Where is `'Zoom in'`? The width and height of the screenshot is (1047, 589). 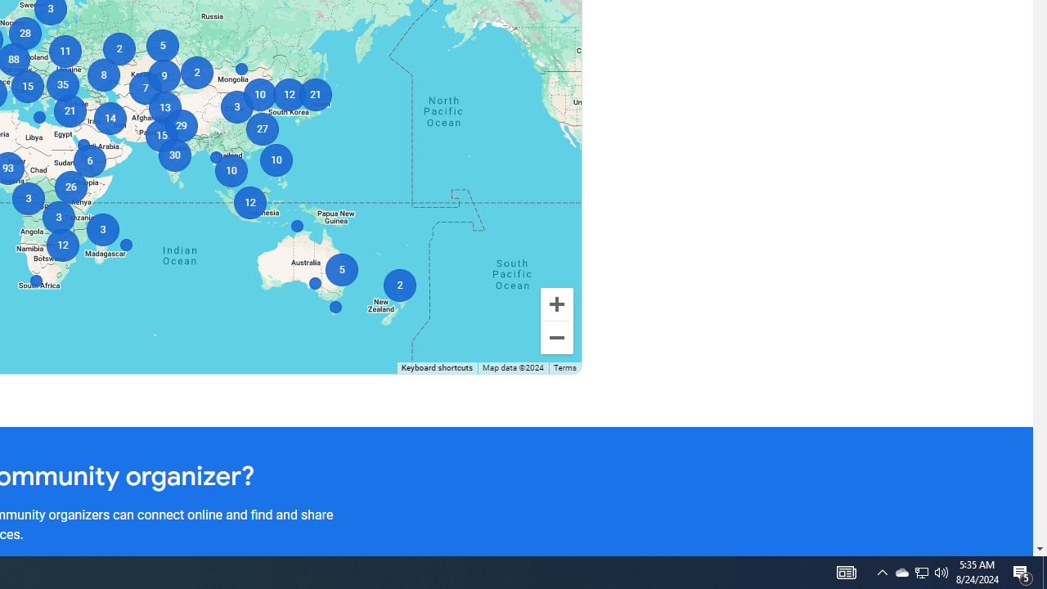 'Zoom in' is located at coordinates (556, 303).